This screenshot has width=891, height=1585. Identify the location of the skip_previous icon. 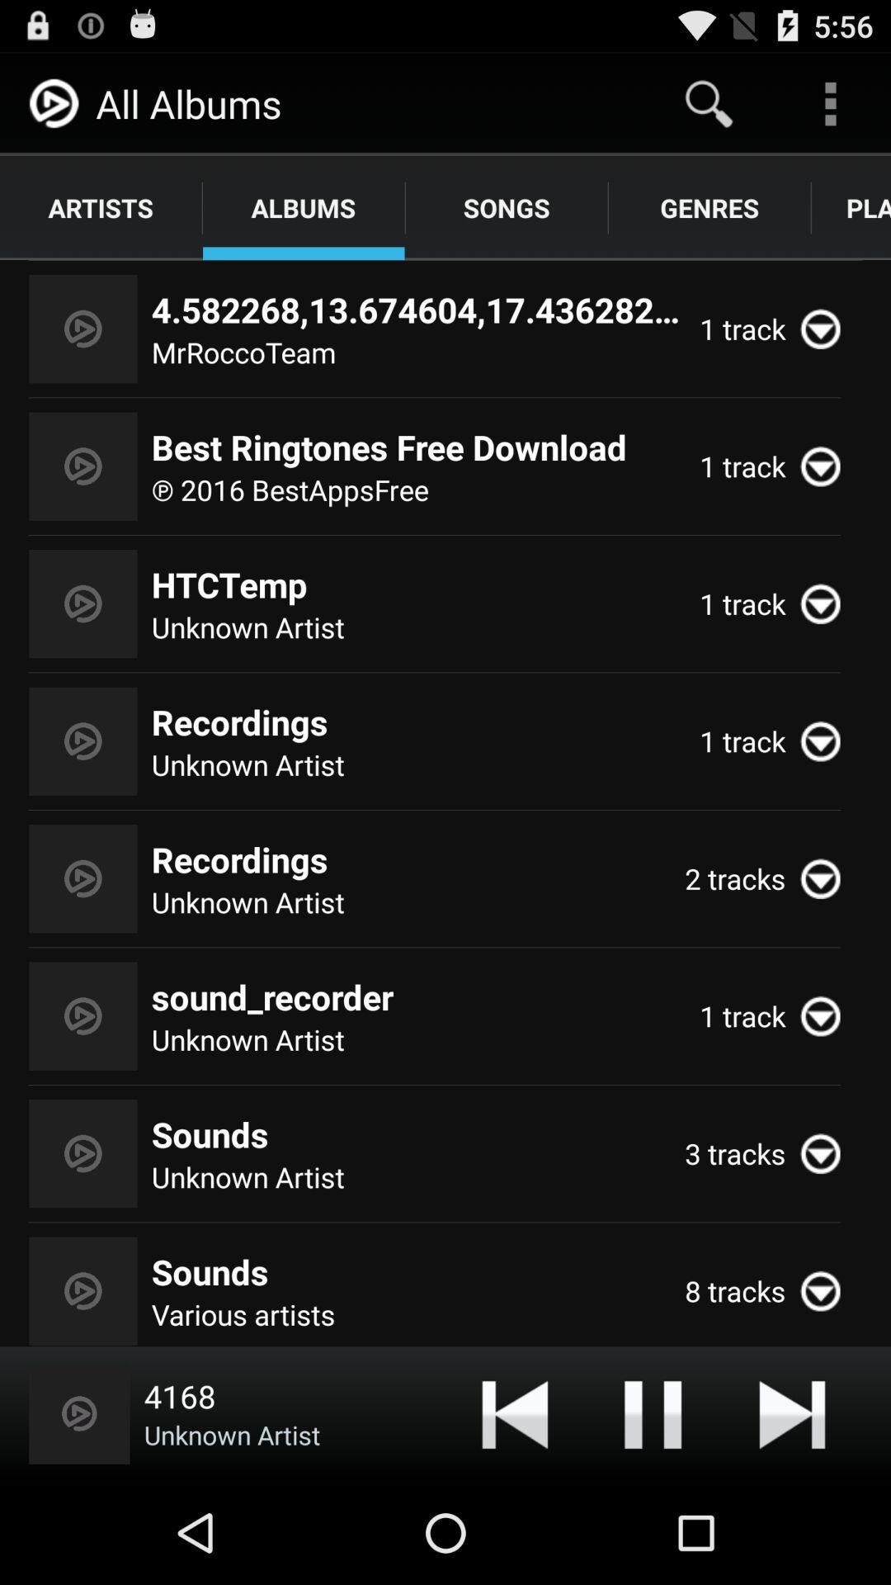
(514, 1512).